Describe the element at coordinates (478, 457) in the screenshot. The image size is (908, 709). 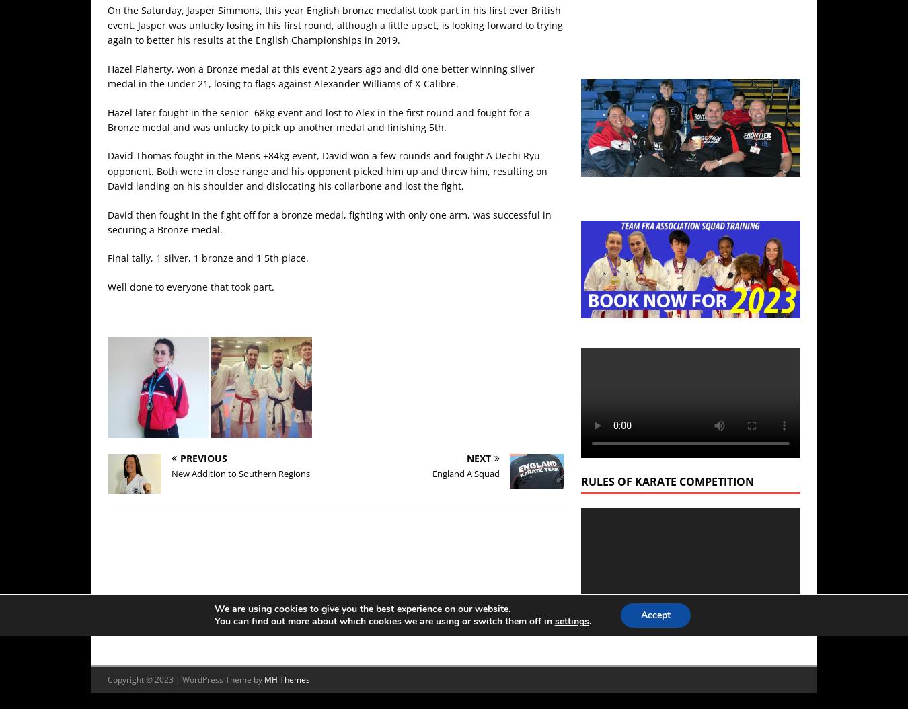
I see `'Next'` at that location.